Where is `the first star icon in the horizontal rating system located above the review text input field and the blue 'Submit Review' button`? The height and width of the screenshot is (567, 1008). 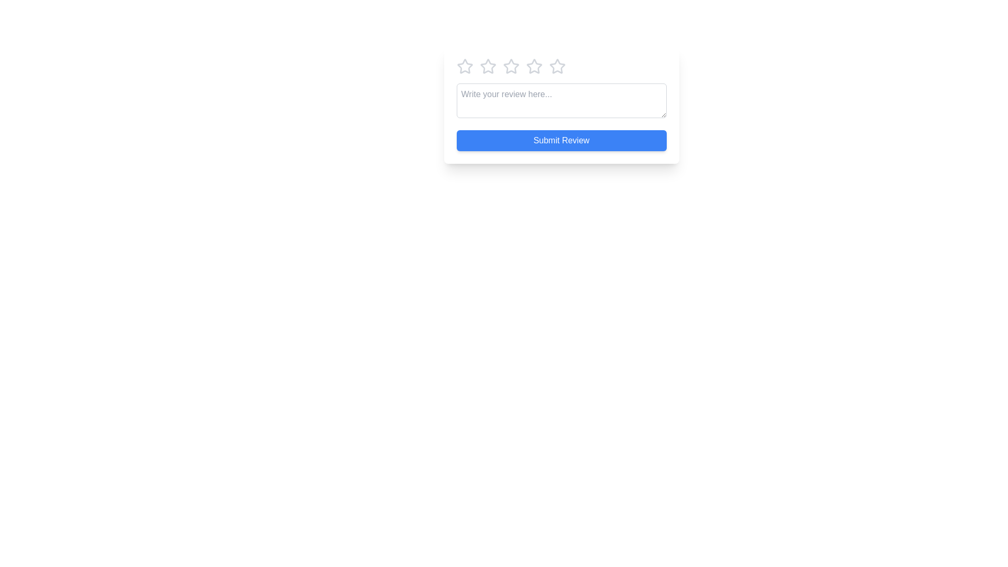
the first star icon in the horizontal rating system located above the review text input field and the blue 'Submit Review' button is located at coordinates (464, 66).